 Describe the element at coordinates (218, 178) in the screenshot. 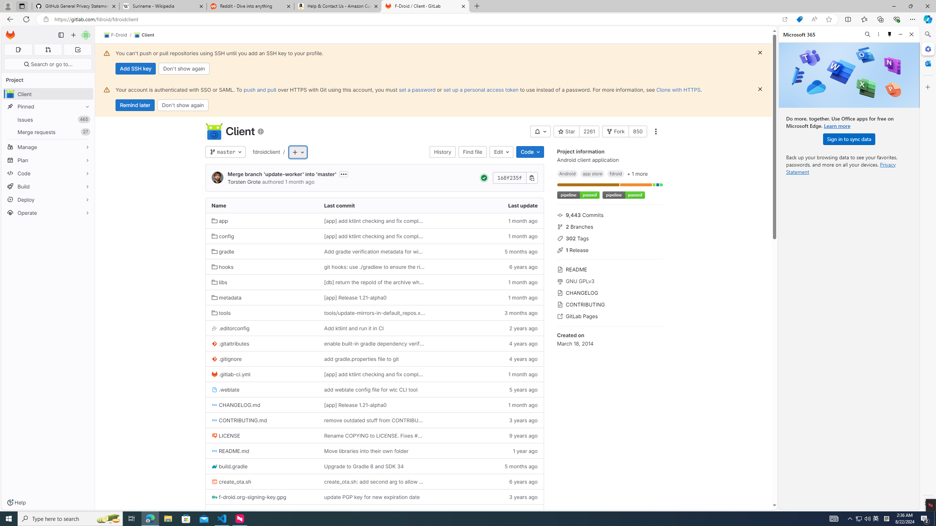

I see `'Torsten Grote'` at that location.